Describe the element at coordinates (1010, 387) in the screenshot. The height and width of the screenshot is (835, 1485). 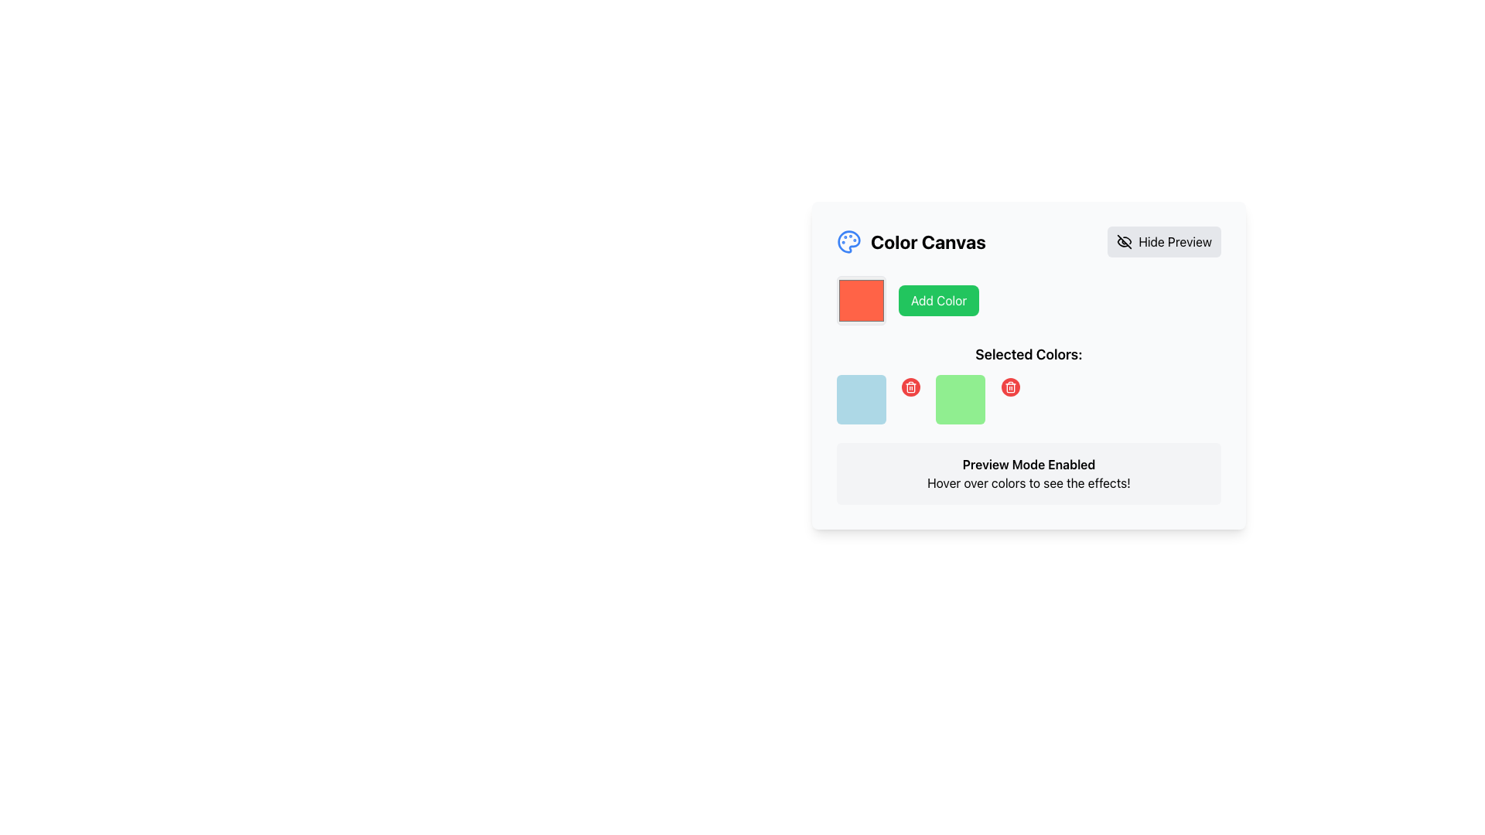
I see `the trash bin icon button, which is styled in white on a red circular background and located next to a green color box in the 'Selected Colors' area` at that location.